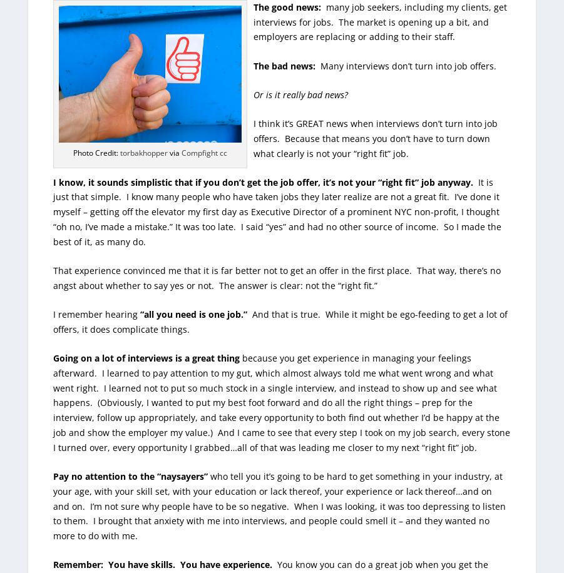 The image size is (564, 573). Describe the element at coordinates (406, 64) in the screenshot. I see `'Many interviews don’t turn into job offers.'` at that location.